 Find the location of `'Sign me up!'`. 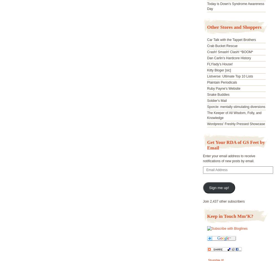

'Sign me up!' is located at coordinates (219, 187).